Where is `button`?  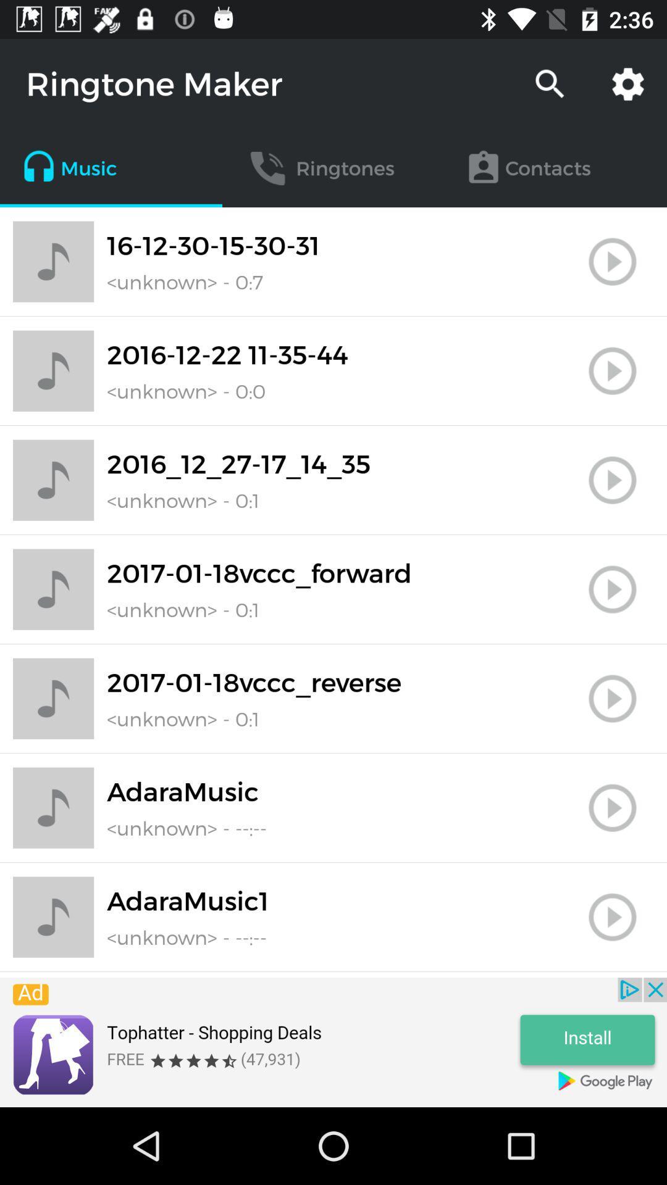 button is located at coordinates (612, 699).